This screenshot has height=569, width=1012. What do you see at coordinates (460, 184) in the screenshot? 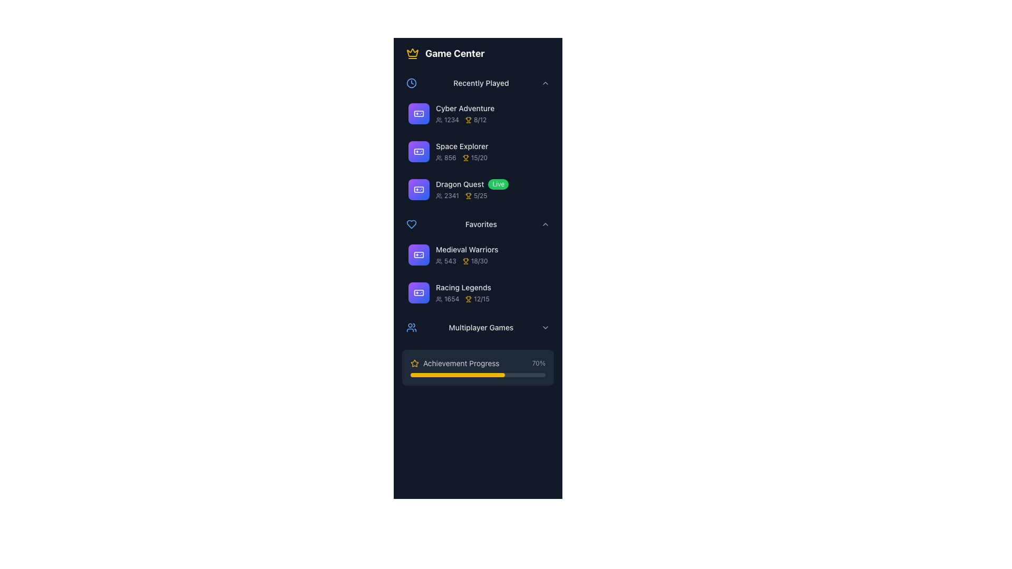
I see `the text label displaying 'Dragon Quest' which is positioned under the 'Recently Played' section, aligned to the left of the 'Live' badge` at bounding box center [460, 184].